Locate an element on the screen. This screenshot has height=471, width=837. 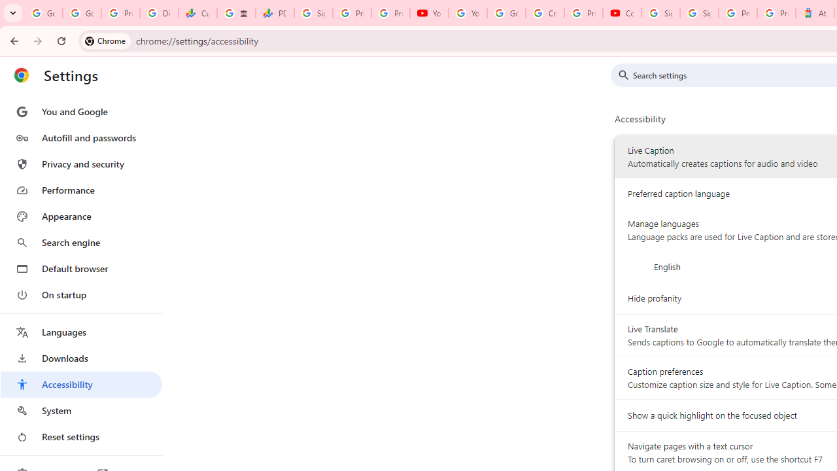
'Search engine' is located at coordinates (80, 243).